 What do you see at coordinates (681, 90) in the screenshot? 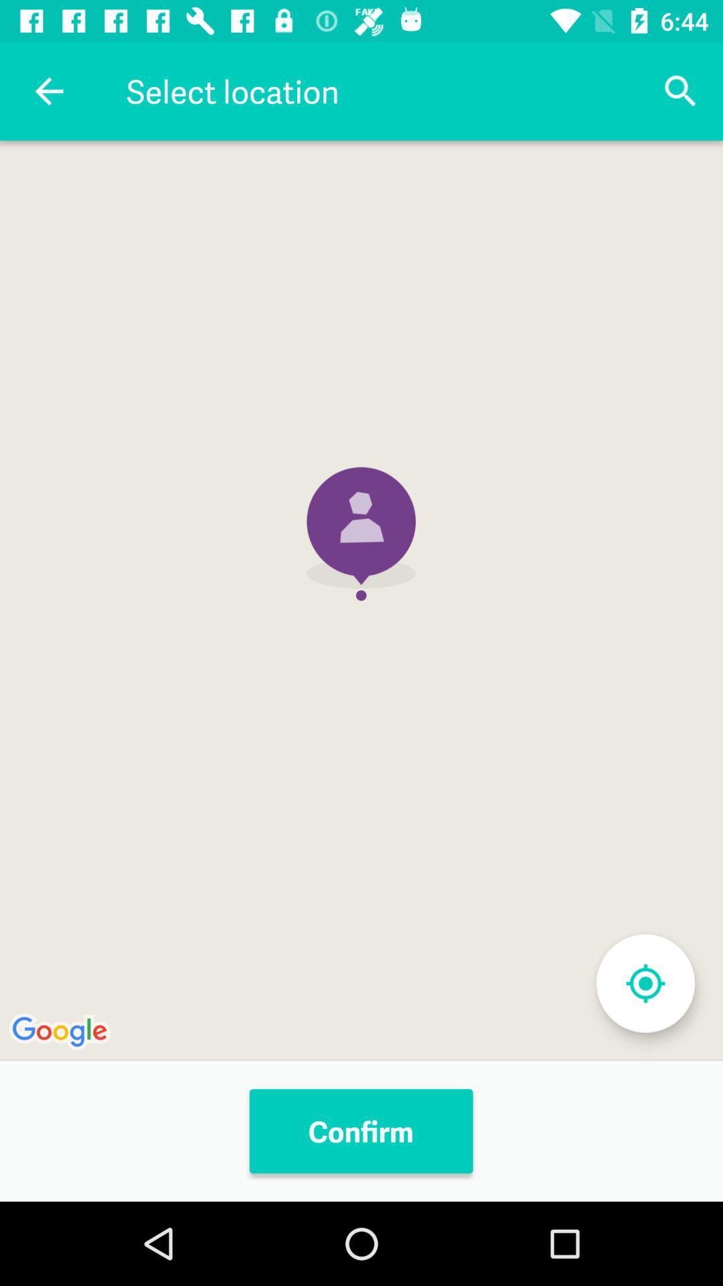
I see `the item next to the select location` at bounding box center [681, 90].